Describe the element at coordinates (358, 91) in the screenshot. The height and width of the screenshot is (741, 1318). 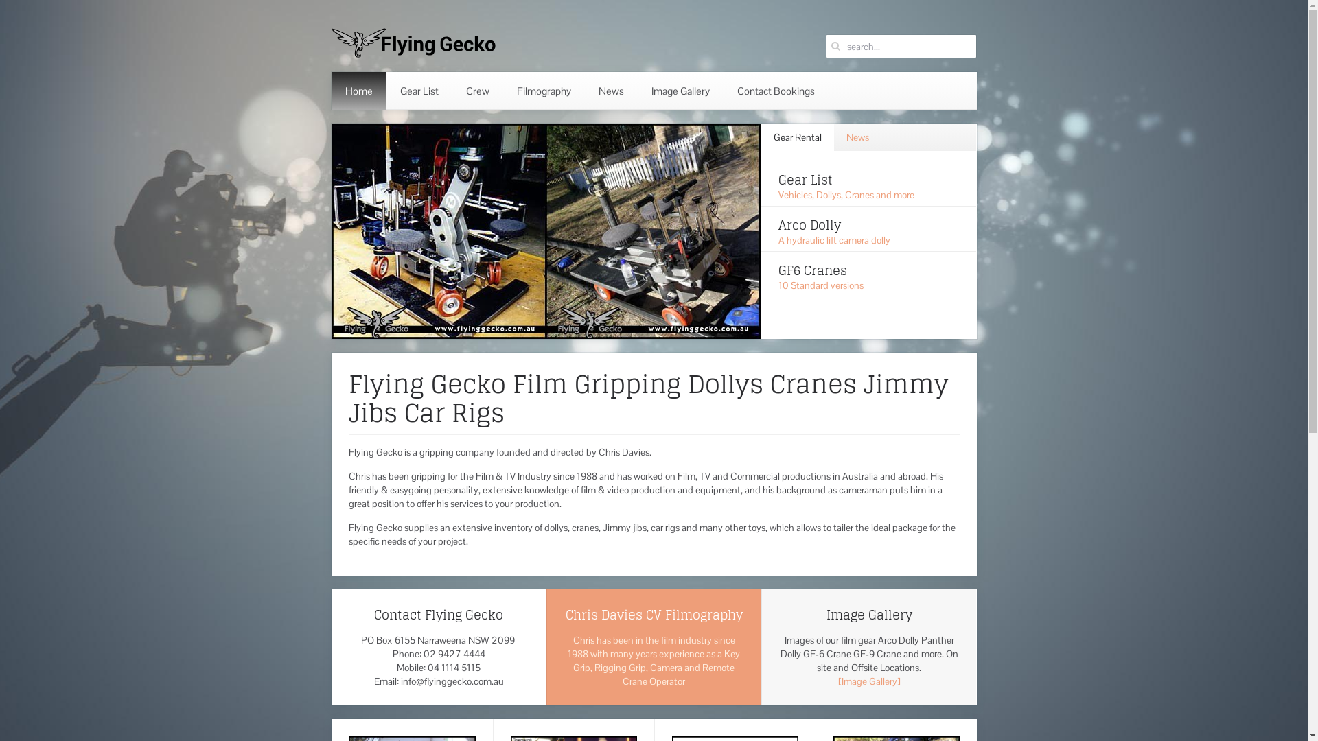
I see `'Home'` at that location.